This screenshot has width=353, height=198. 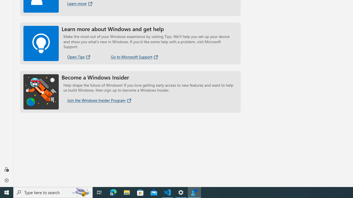 What do you see at coordinates (100, 100) in the screenshot?
I see `'Join the Windows Insider Program'` at bounding box center [100, 100].